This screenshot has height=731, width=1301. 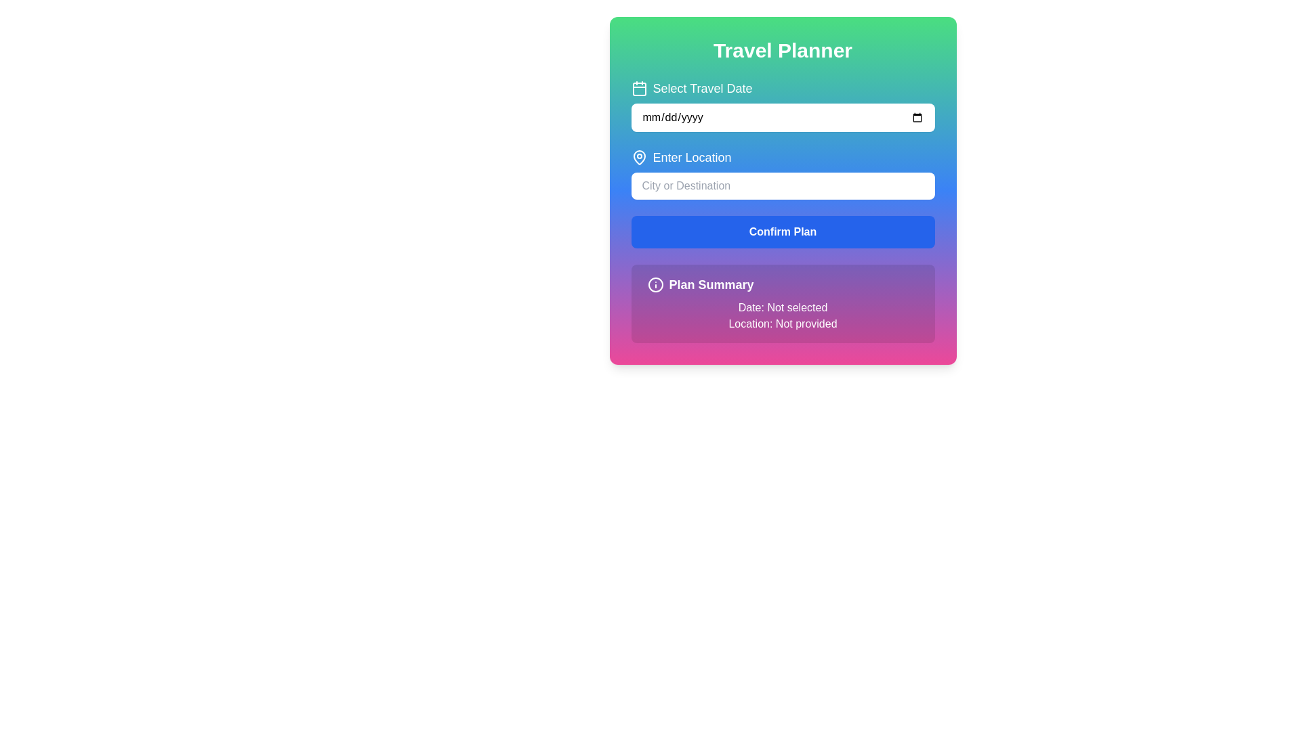 What do you see at coordinates (638, 156) in the screenshot?
I see `the map pin icon that is located to the left of the 'Enter Location' text within the 'Travel Planner' form, which is aligned with the 'City or Destination' input box` at bounding box center [638, 156].